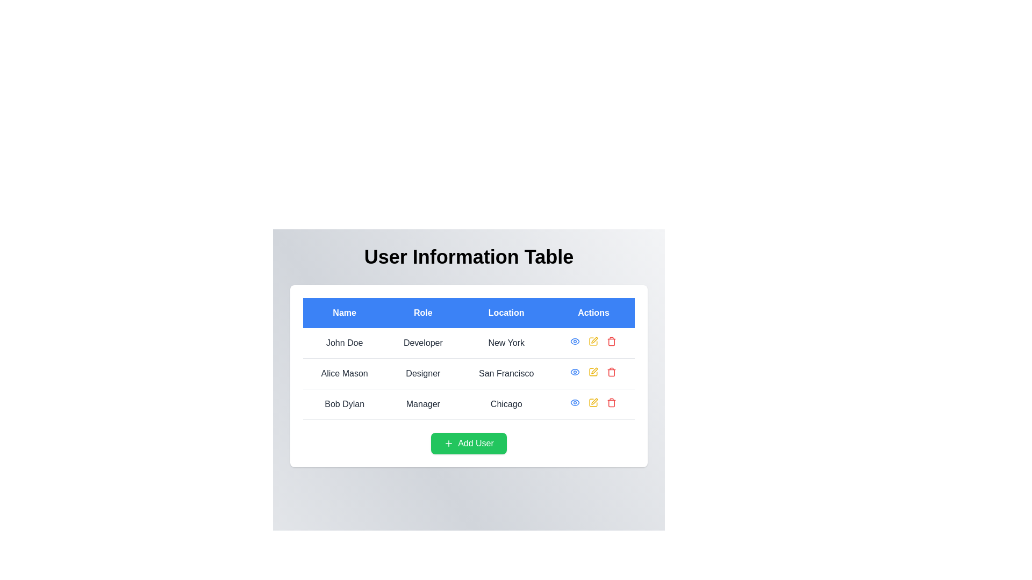  I want to click on the 'Manager' text label in the Role column, which is located in the same row as 'Bob Dylan' and 'Chicago', so click(422, 404).